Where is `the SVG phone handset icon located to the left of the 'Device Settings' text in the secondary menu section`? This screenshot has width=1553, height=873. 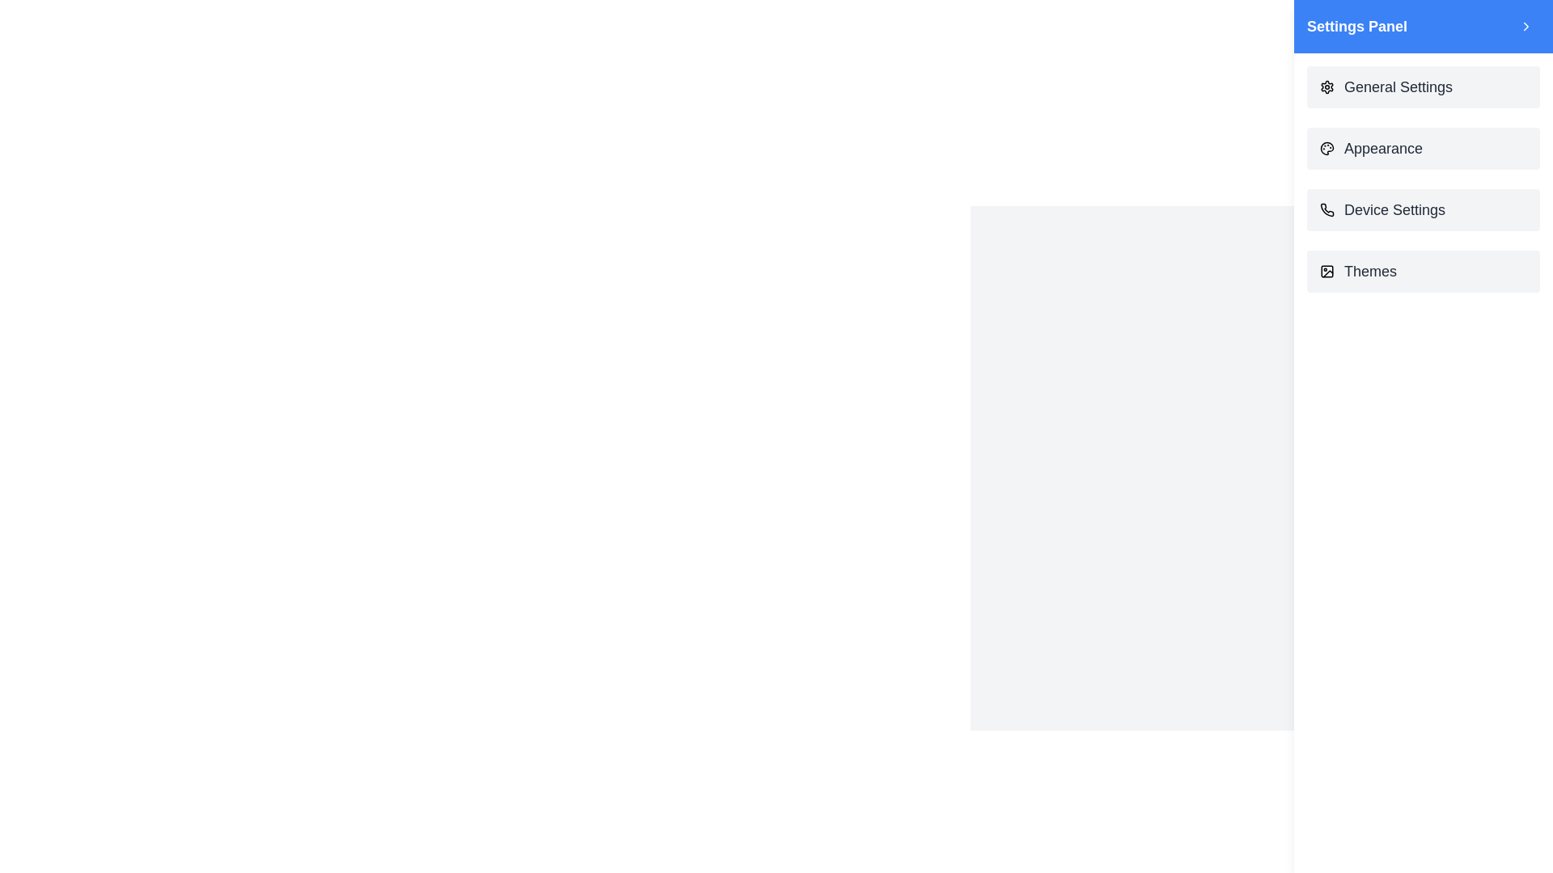 the SVG phone handset icon located to the left of the 'Device Settings' text in the secondary menu section is located at coordinates (1327, 209).